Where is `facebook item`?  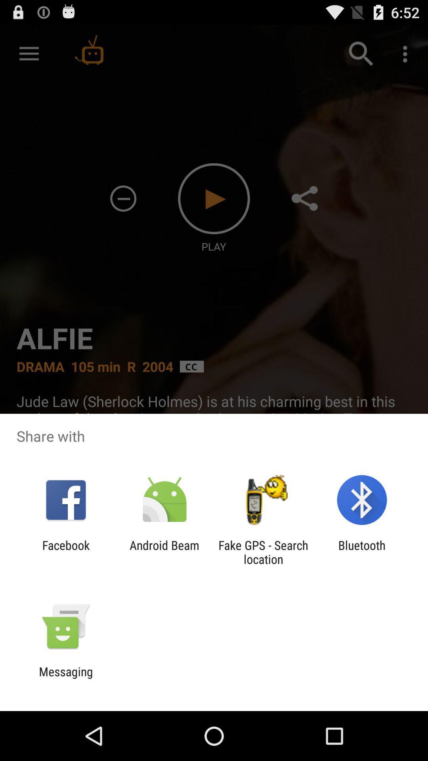 facebook item is located at coordinates (65, 552).